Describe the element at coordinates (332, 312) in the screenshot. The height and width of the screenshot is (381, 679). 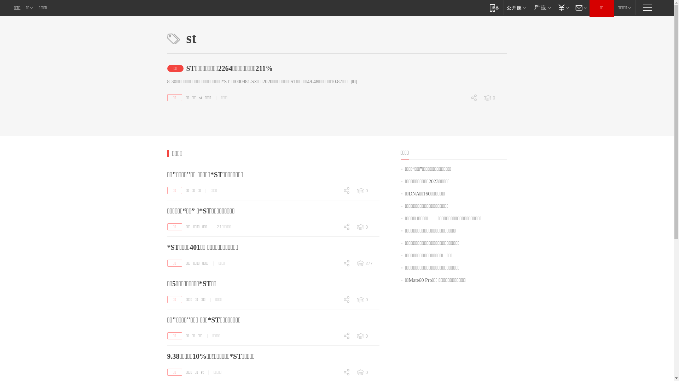
I see `'0'` at that location.